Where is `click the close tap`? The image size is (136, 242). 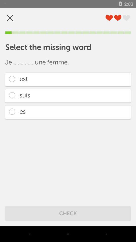 click the close tap is located at coordinates (10, 18).